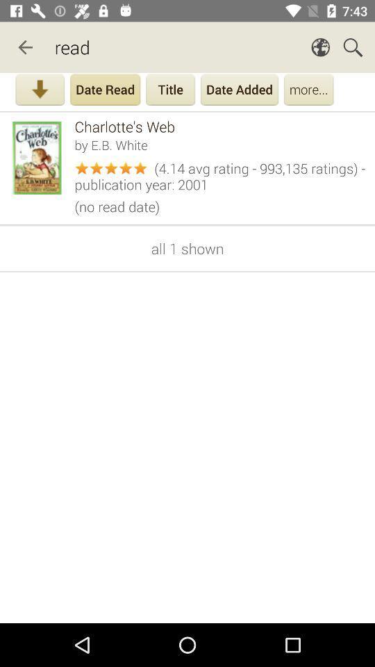  I want to click on icon below the by e b icon, so click(220, 174).